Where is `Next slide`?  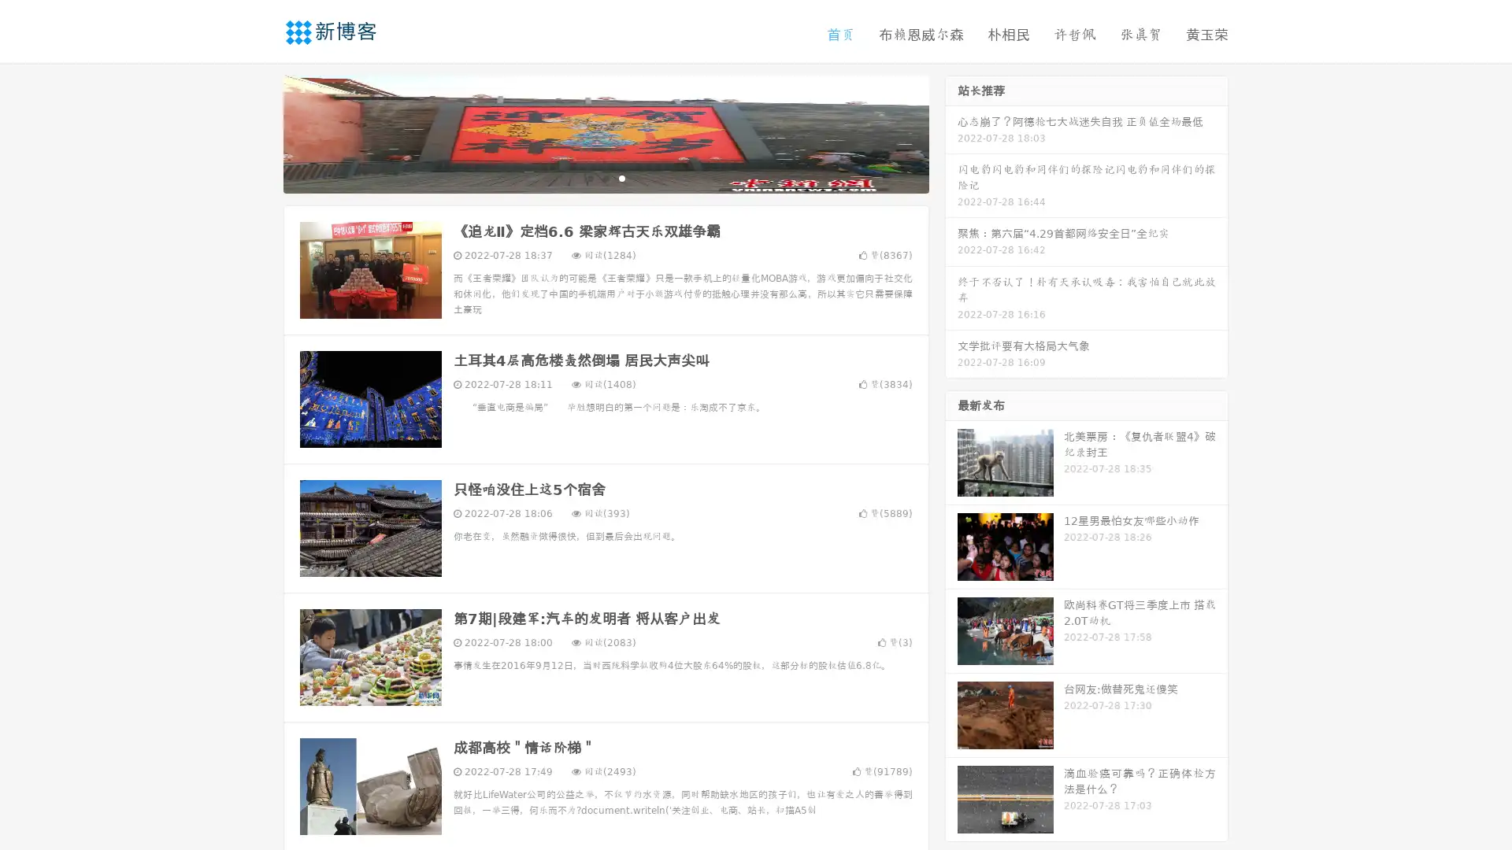 Next slide is located at coordinates (951, 132).